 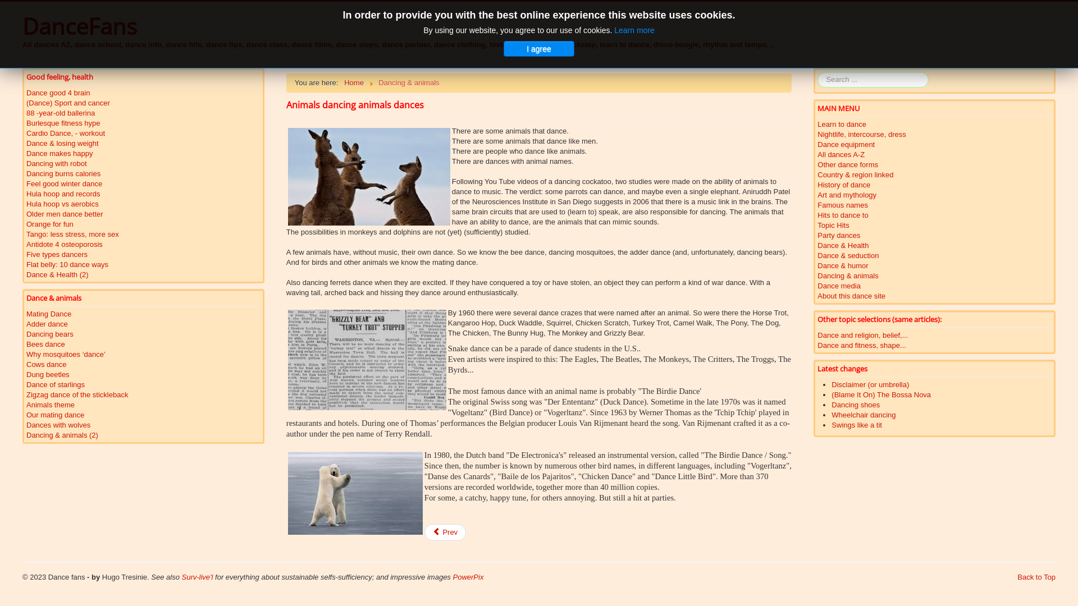 What do you see at coordinates (855, 405) in the screenshot?
I see `'Dancing shoes'` at bounding box center [855, 405].